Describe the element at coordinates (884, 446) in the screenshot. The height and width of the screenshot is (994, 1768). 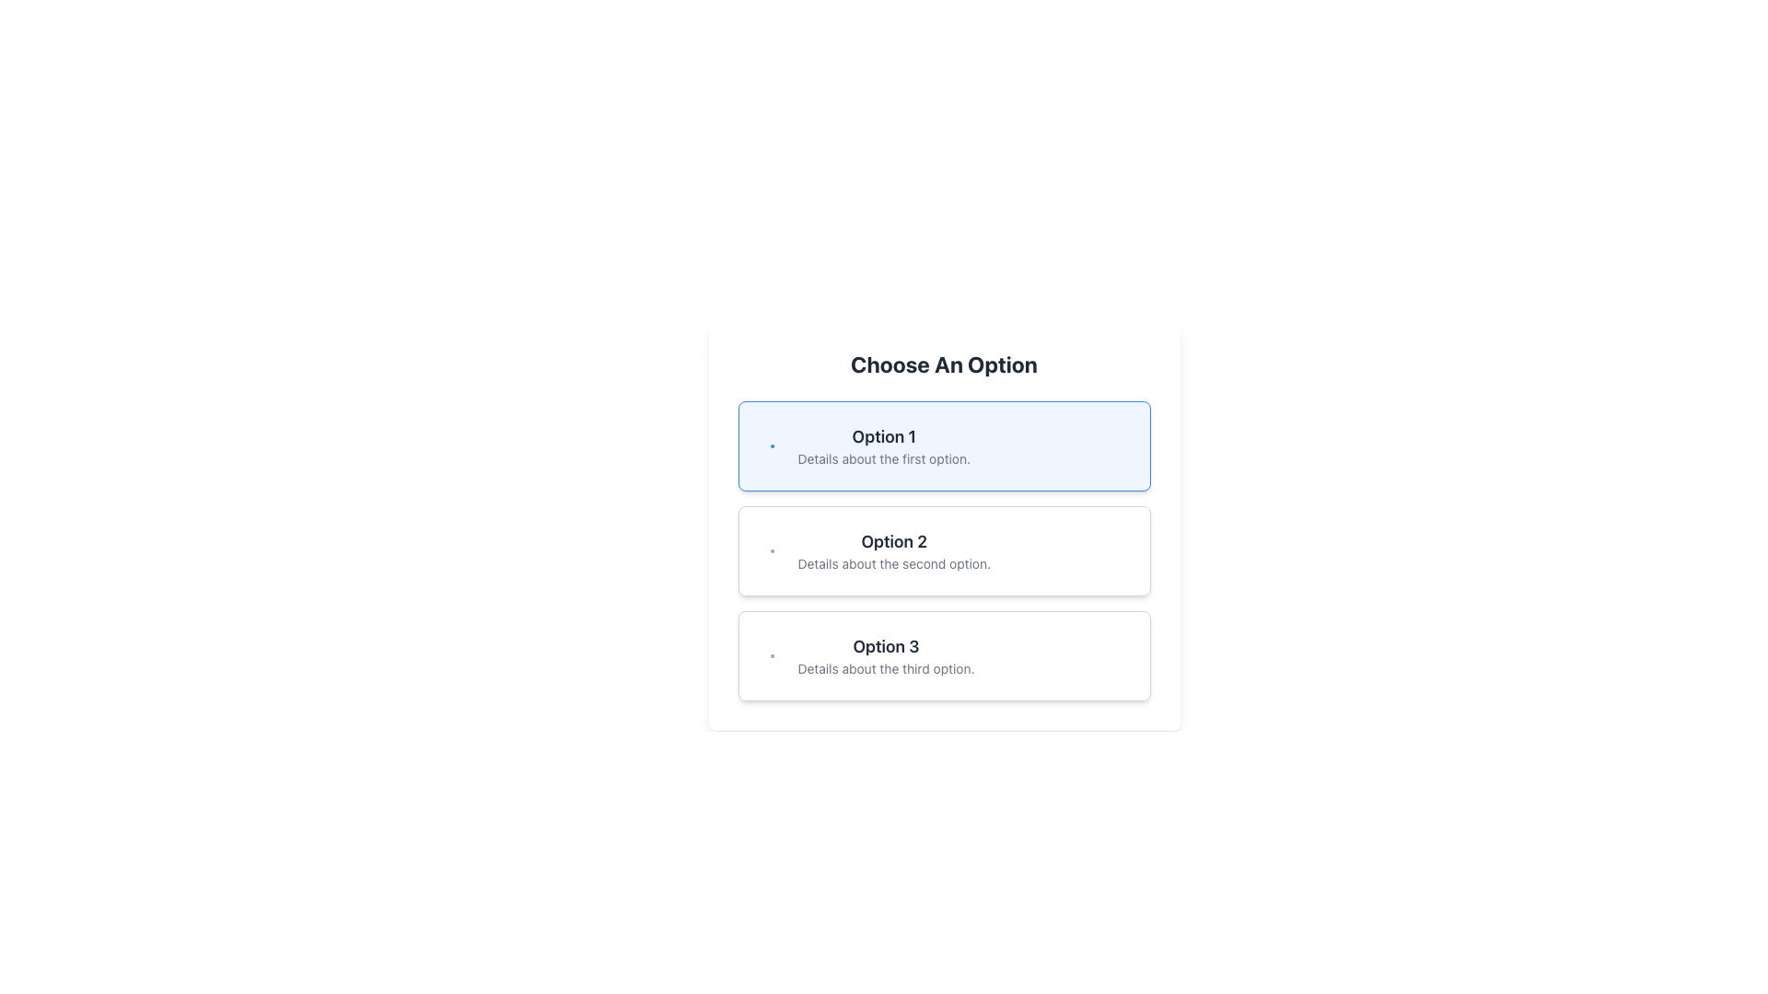
I see `the text display element containing the title 'Option 1' and the descriptive text 'Details about the first option.'` at that location.